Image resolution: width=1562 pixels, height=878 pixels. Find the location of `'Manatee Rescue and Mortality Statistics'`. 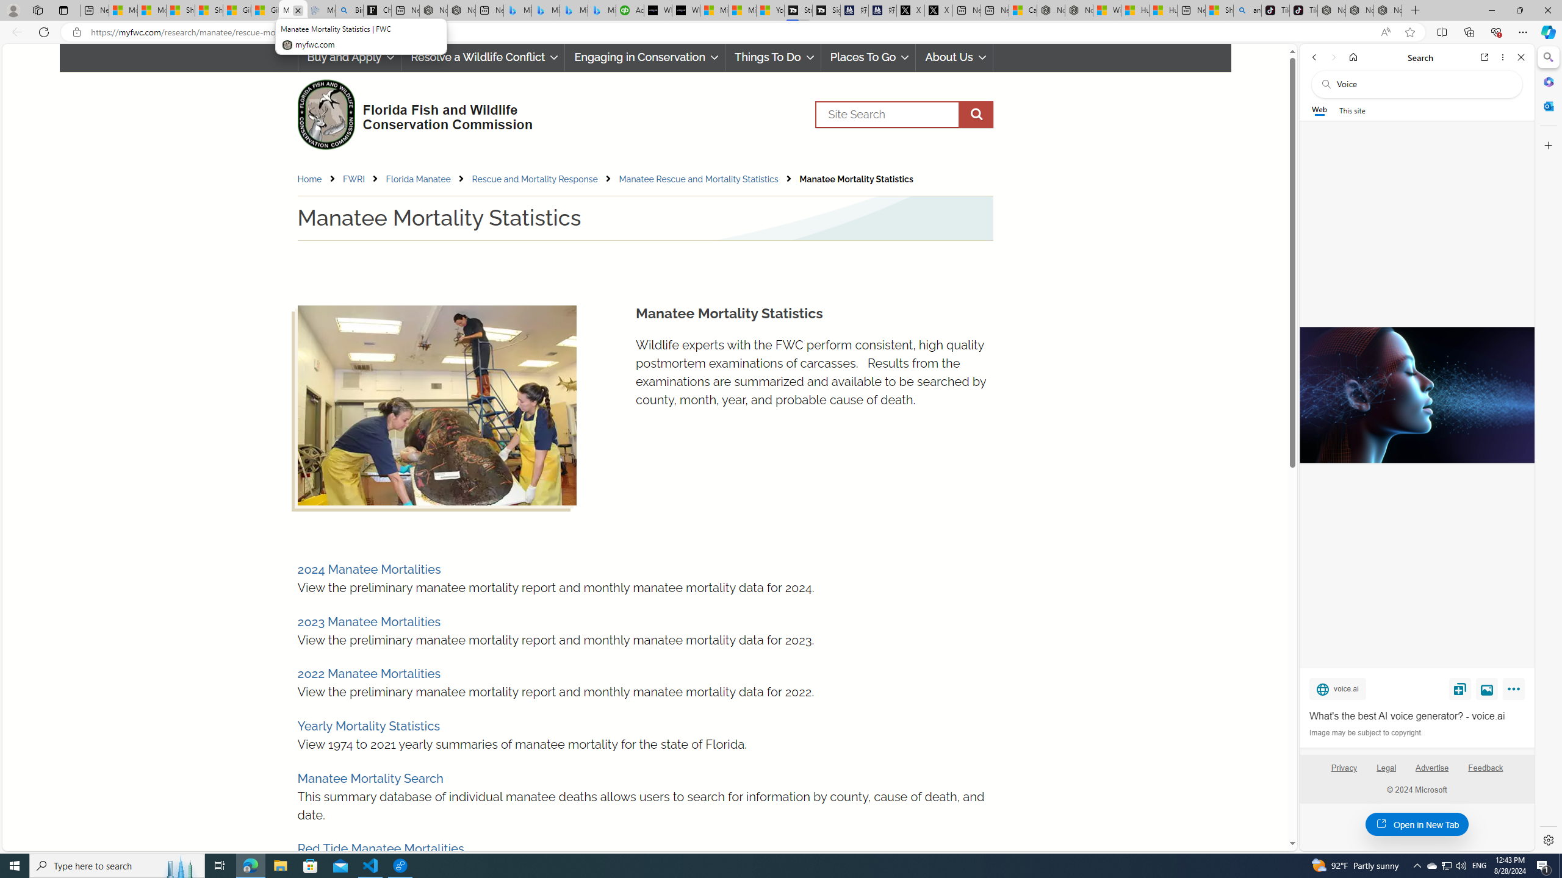

'Manatee Rescue and Mortality Statistics' is located at coordinates (698, 179).